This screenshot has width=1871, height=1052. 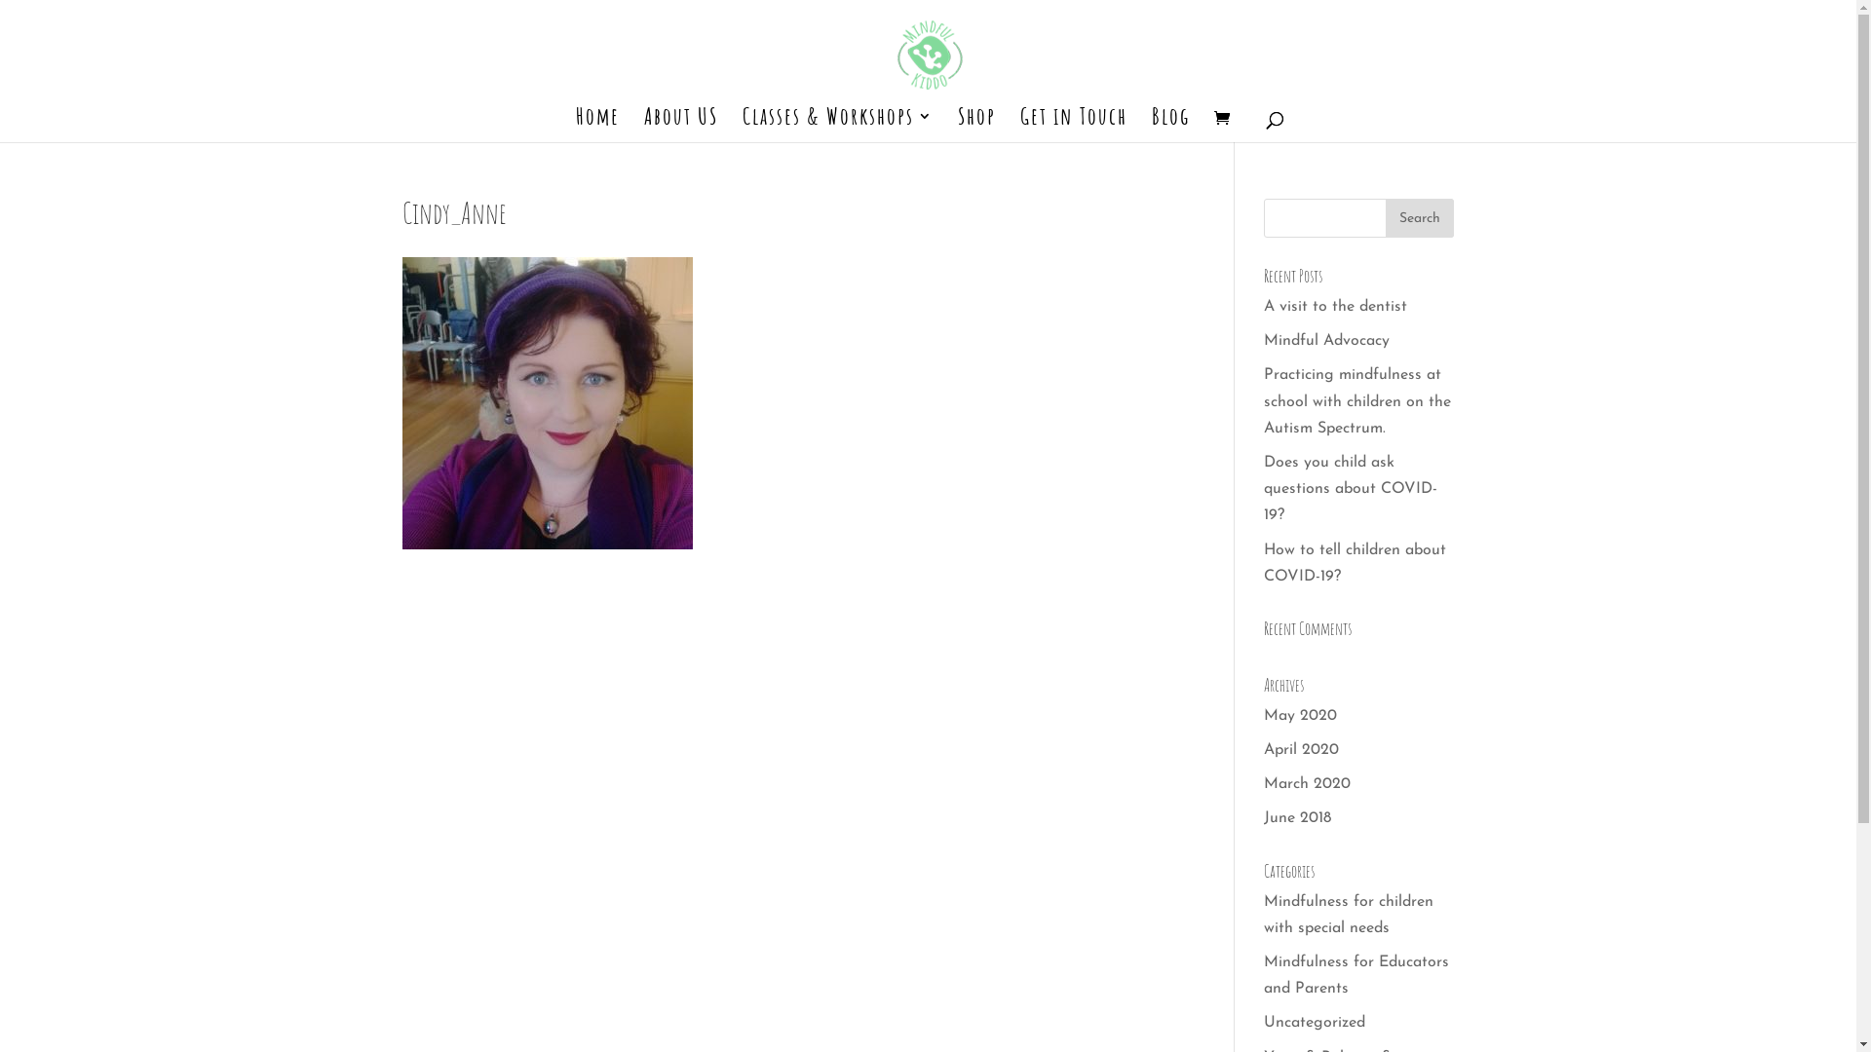 What do you see at coordinates (975, 125) in the screenshot?
I see `'Shop'` at bounding box center [975, 125].